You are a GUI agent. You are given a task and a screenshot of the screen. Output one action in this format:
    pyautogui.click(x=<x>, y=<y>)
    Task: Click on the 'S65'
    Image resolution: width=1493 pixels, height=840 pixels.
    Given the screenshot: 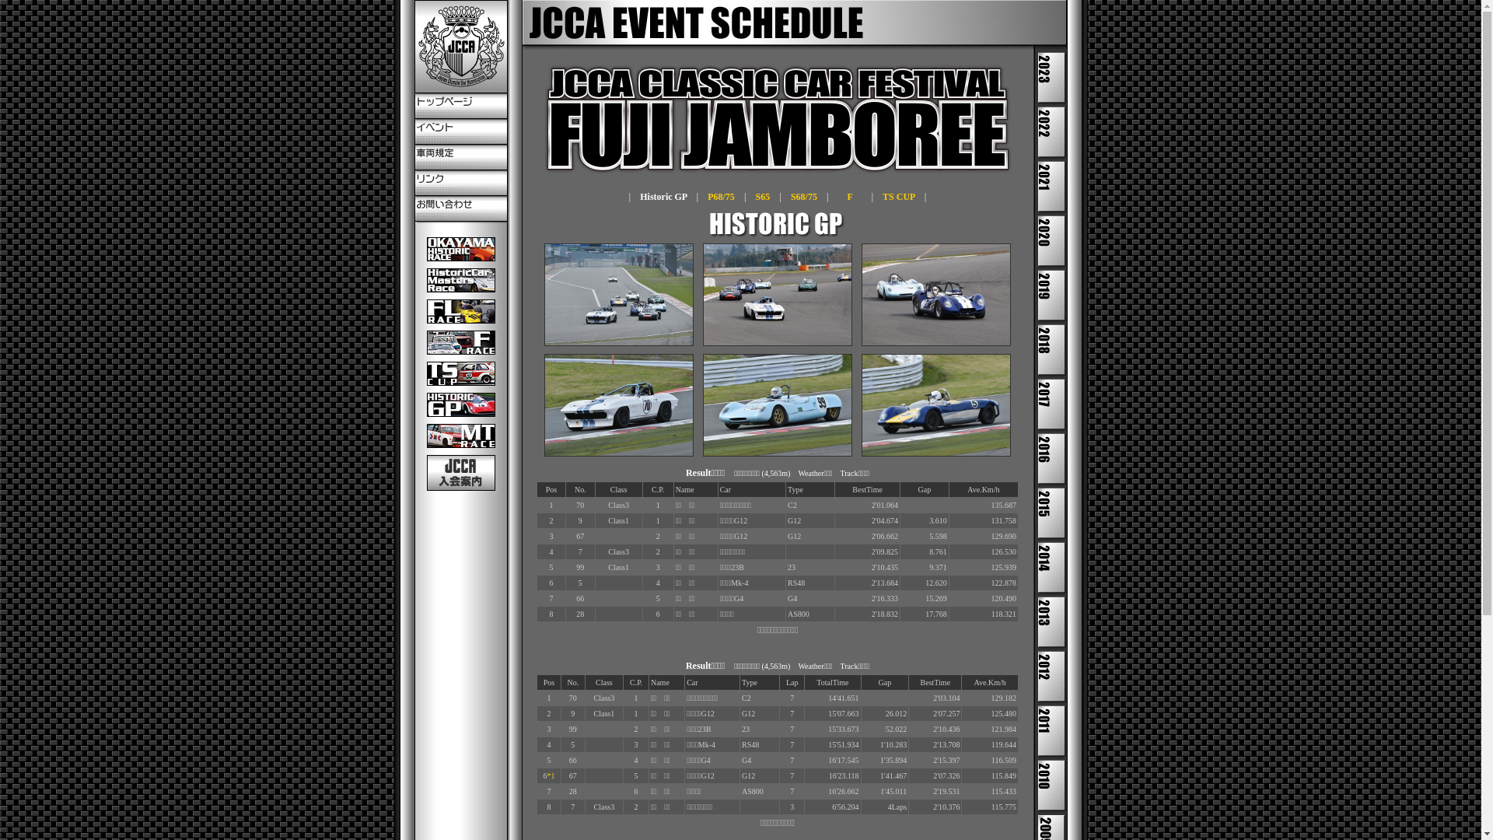 What is the action you would take?
    pyautogui.click(x=763, y=196)
    